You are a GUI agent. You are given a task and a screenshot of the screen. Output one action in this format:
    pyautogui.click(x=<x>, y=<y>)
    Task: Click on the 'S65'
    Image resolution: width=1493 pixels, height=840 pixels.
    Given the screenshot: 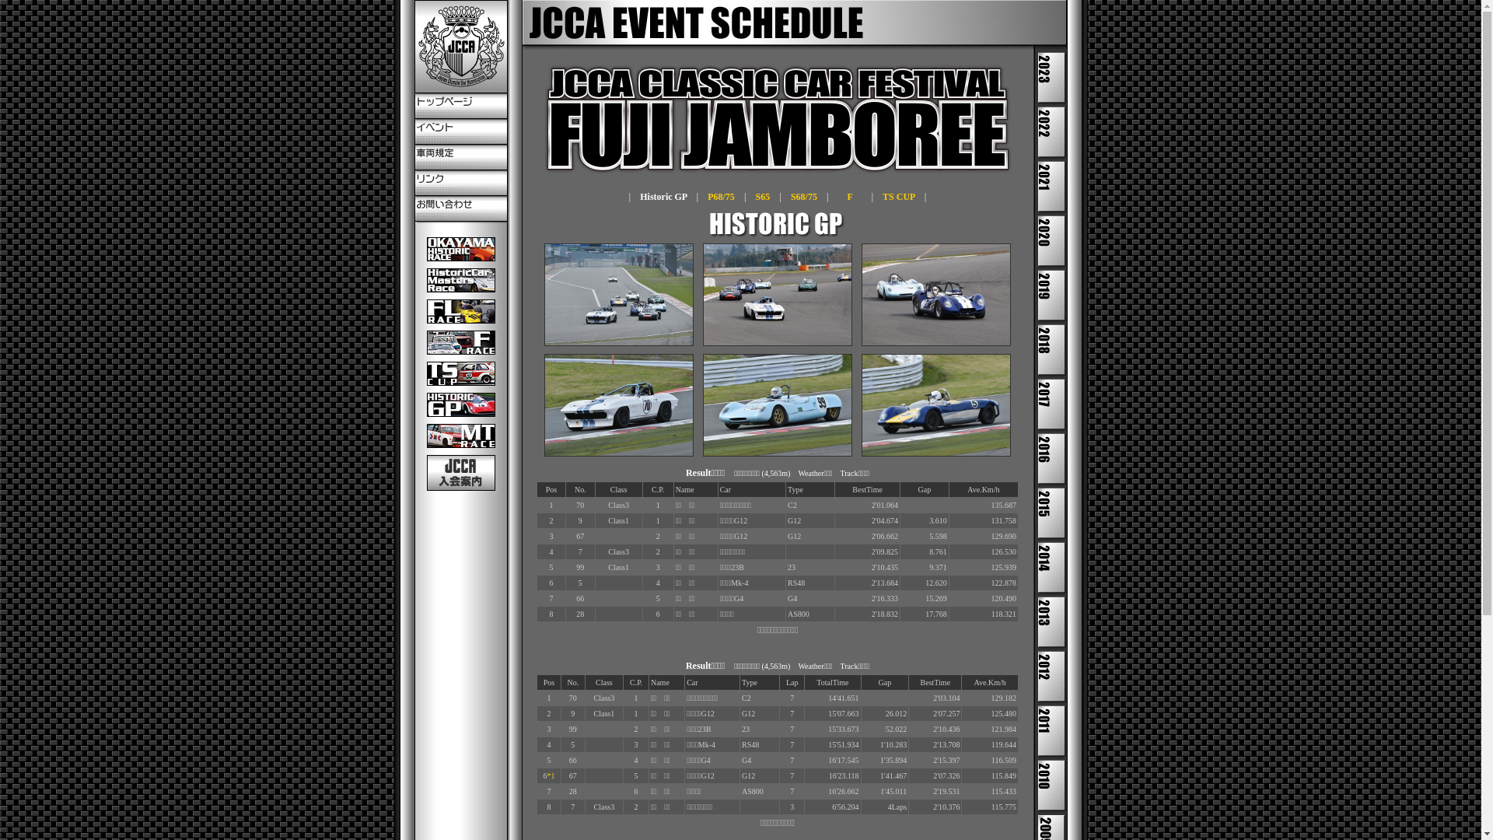 What is the action you would take?
    pyautogui.click(x=763, y=196)
    